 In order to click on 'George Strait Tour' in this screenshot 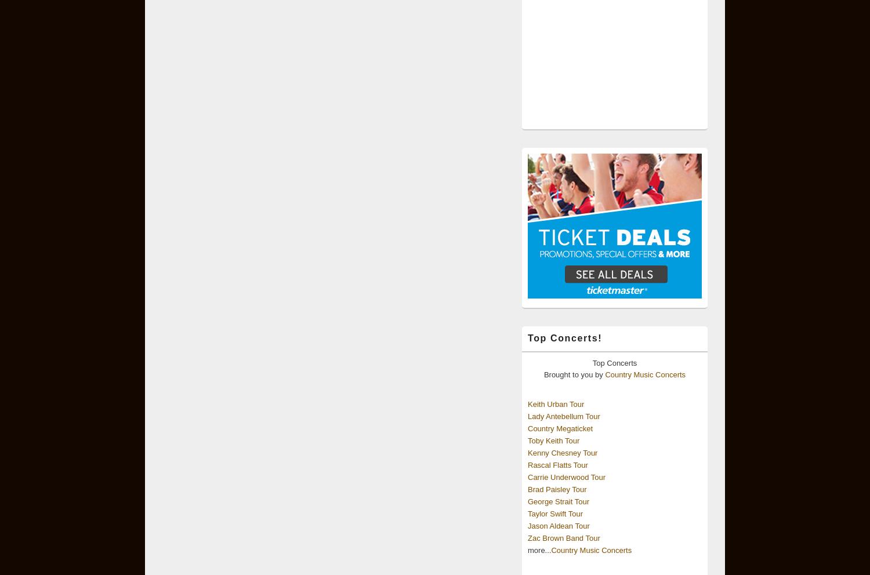, I will do `click(528, 501)`.